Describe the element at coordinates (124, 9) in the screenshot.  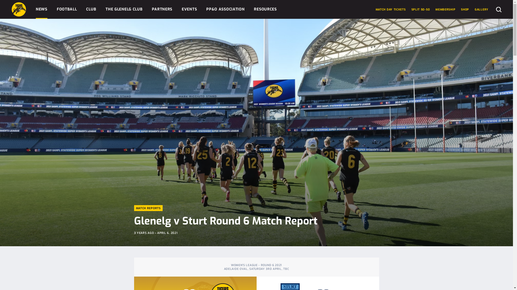
I see `'THE GLENELG CLUB'` at that location.